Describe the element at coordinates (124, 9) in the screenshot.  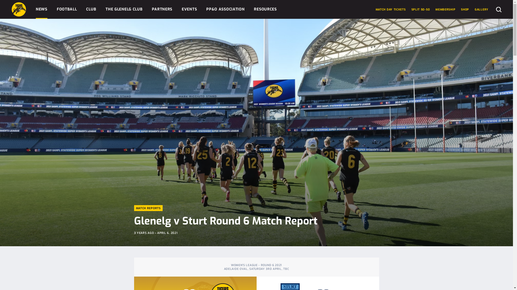
I see `'THE GLENELG CLUB'` at that location.